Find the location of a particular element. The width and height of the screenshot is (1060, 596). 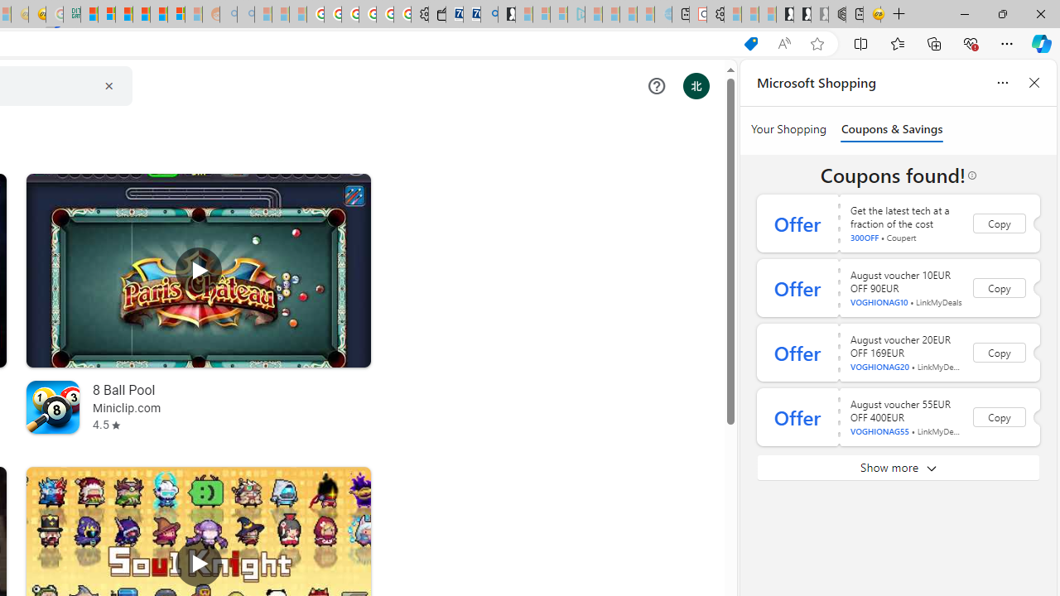

'Read aloud this page (Ctrl+Shift+U)' is located at coordinates (783, 43).